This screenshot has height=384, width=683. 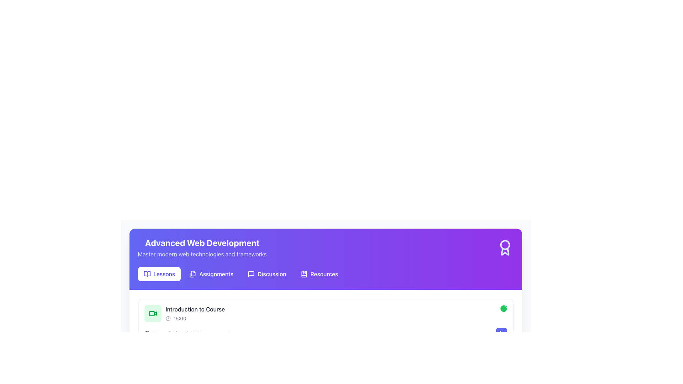 I want to click on the open book icon located to the left of the 'Lessons' label in the navigation menu, so click(x=147, y=274).